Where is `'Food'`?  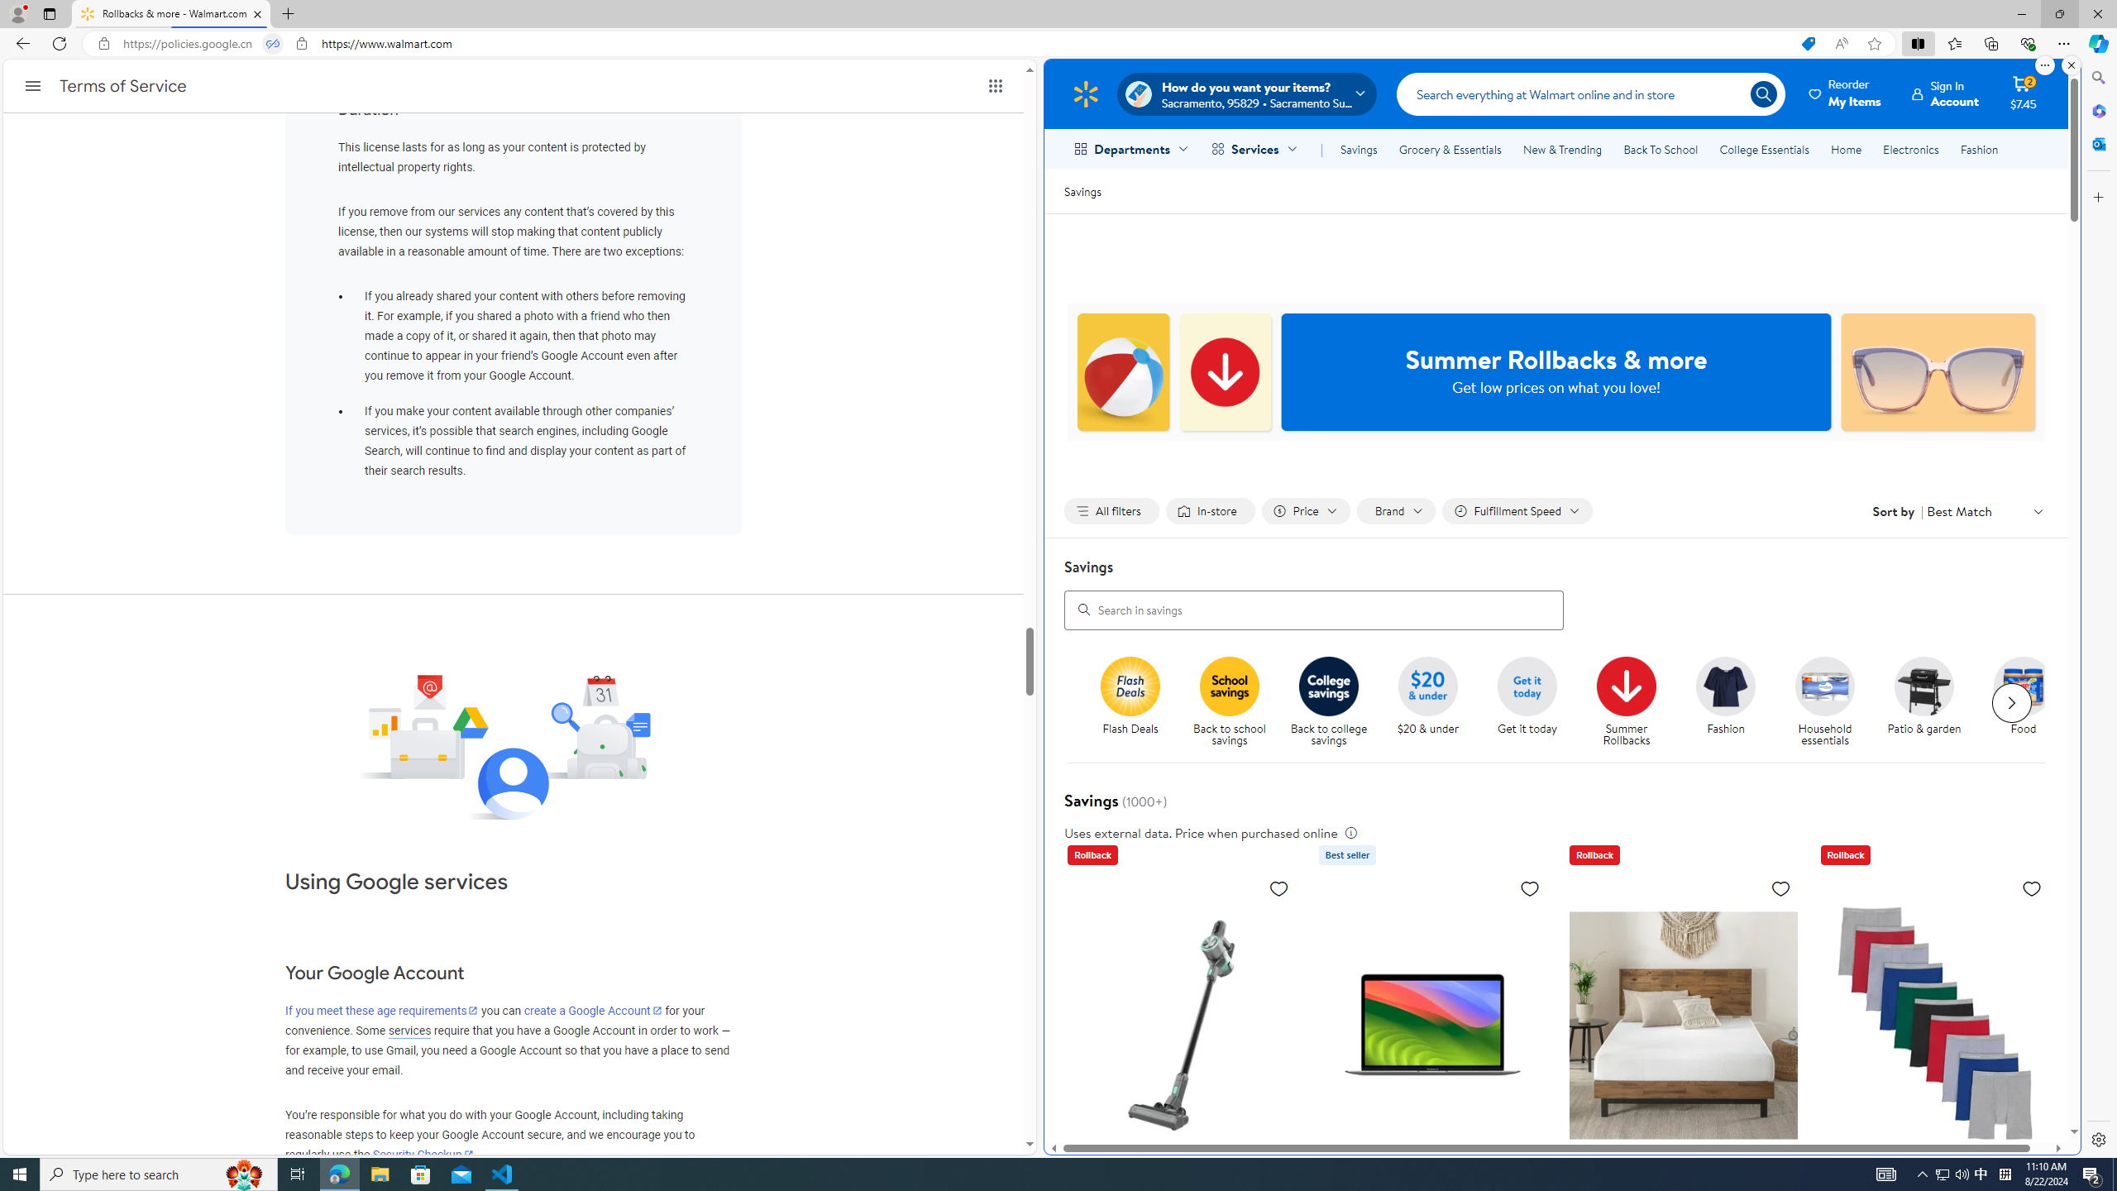
'Food' is located at coordinates (2029, 702).